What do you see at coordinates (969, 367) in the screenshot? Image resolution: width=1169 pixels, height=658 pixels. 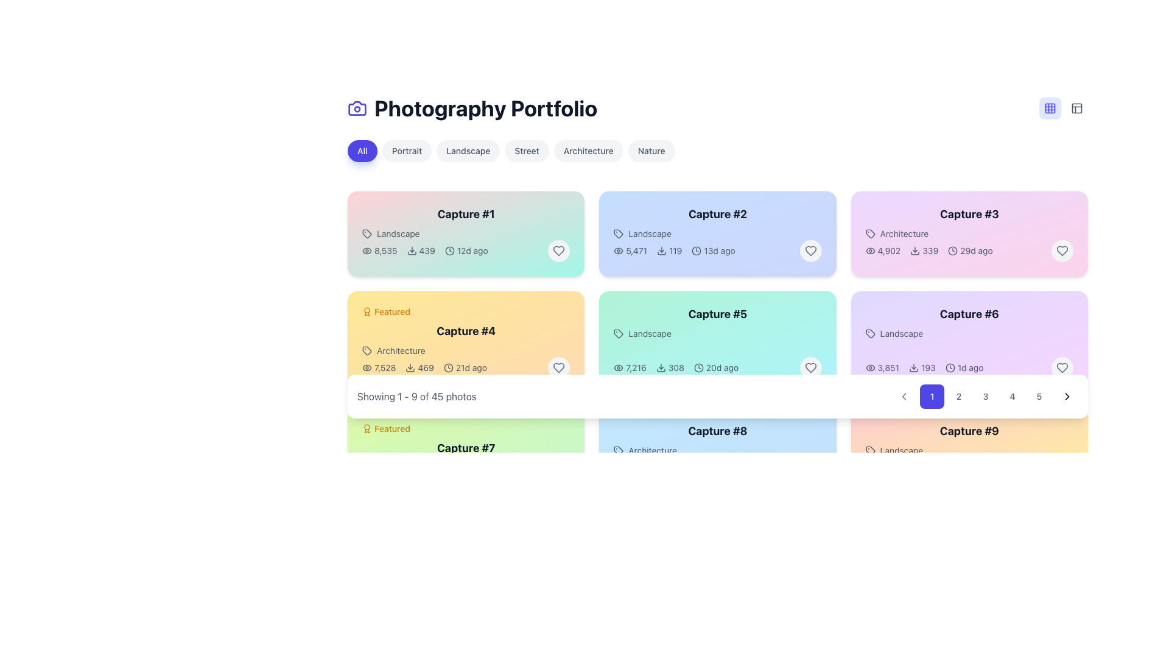 I see `the informational display row for the 'Capture #6' item` at bounding box center [969, 367].